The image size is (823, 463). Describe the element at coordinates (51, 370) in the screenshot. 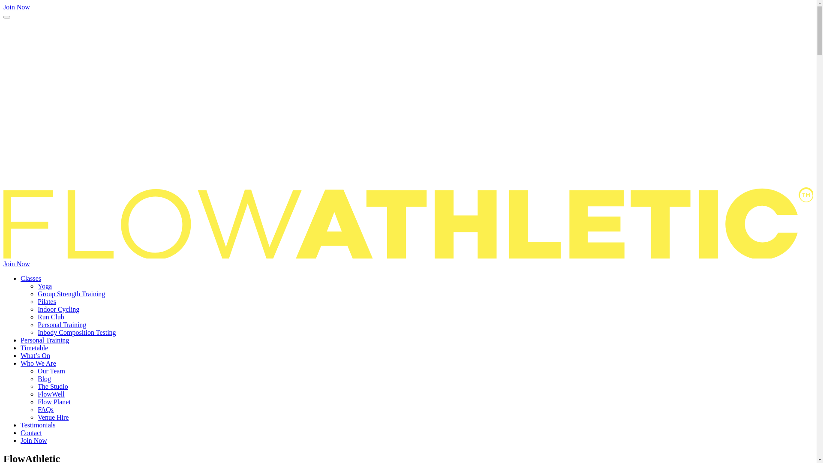

I see `'Our Team'` at that location.